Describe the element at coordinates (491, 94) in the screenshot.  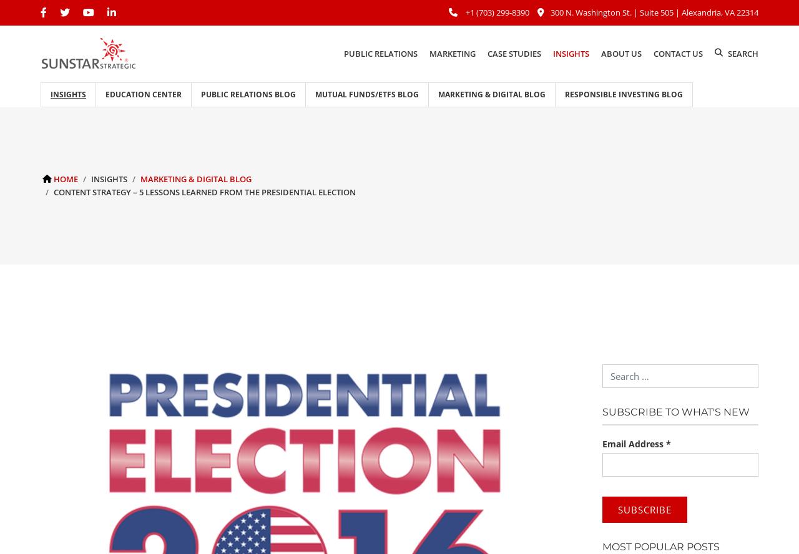
I see `'Marketing & Digital Blog'` at that location.